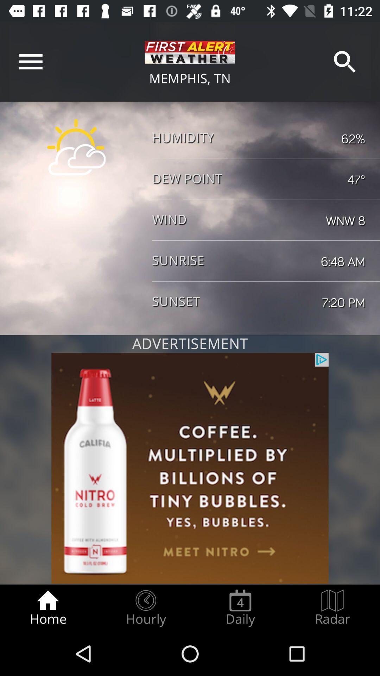 Image resolution: width=380 pixels, height=676 pixels. What do you see at coordinates (145, 608) in the screenshot?
I see `hourly radio button` at bounding box center [145, 608].